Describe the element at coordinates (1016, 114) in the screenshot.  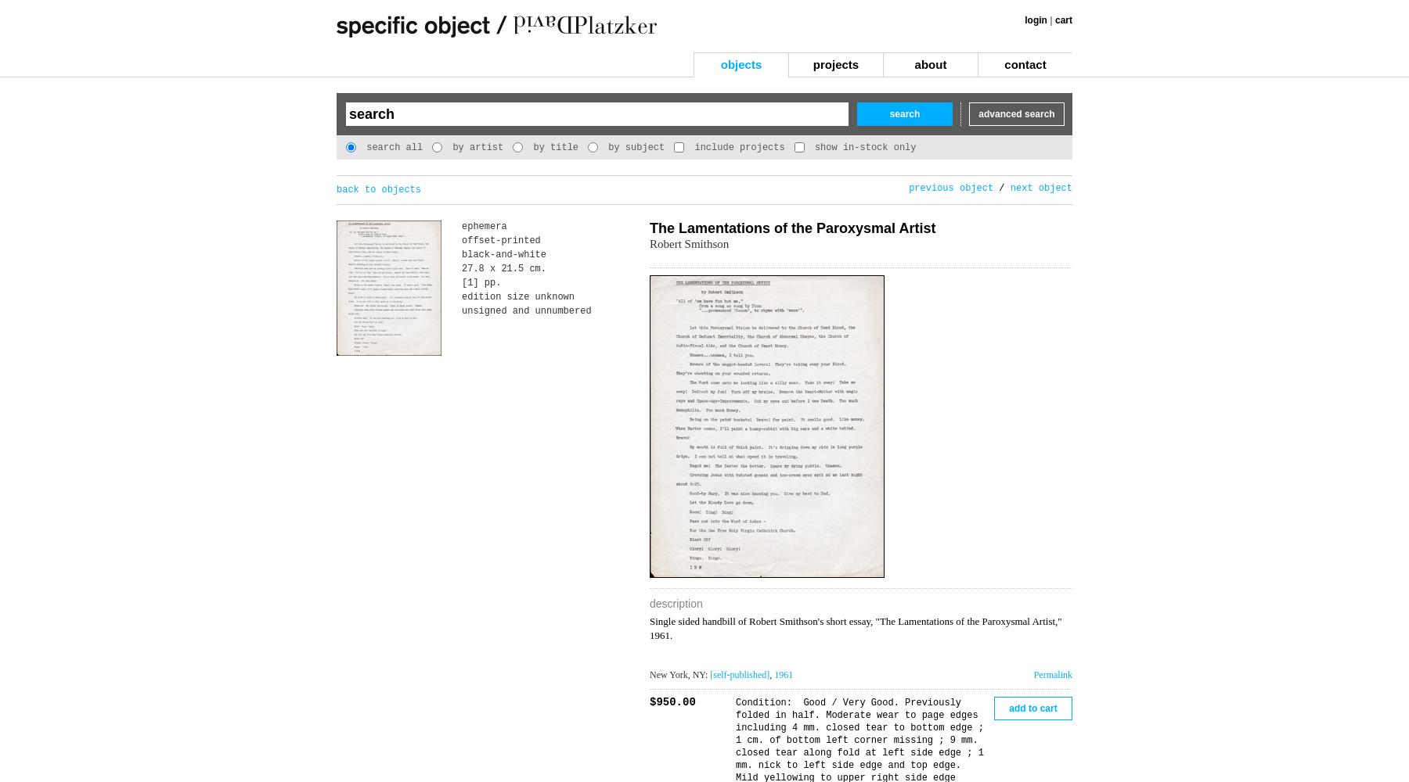
I see `'advanced search'` at that location.